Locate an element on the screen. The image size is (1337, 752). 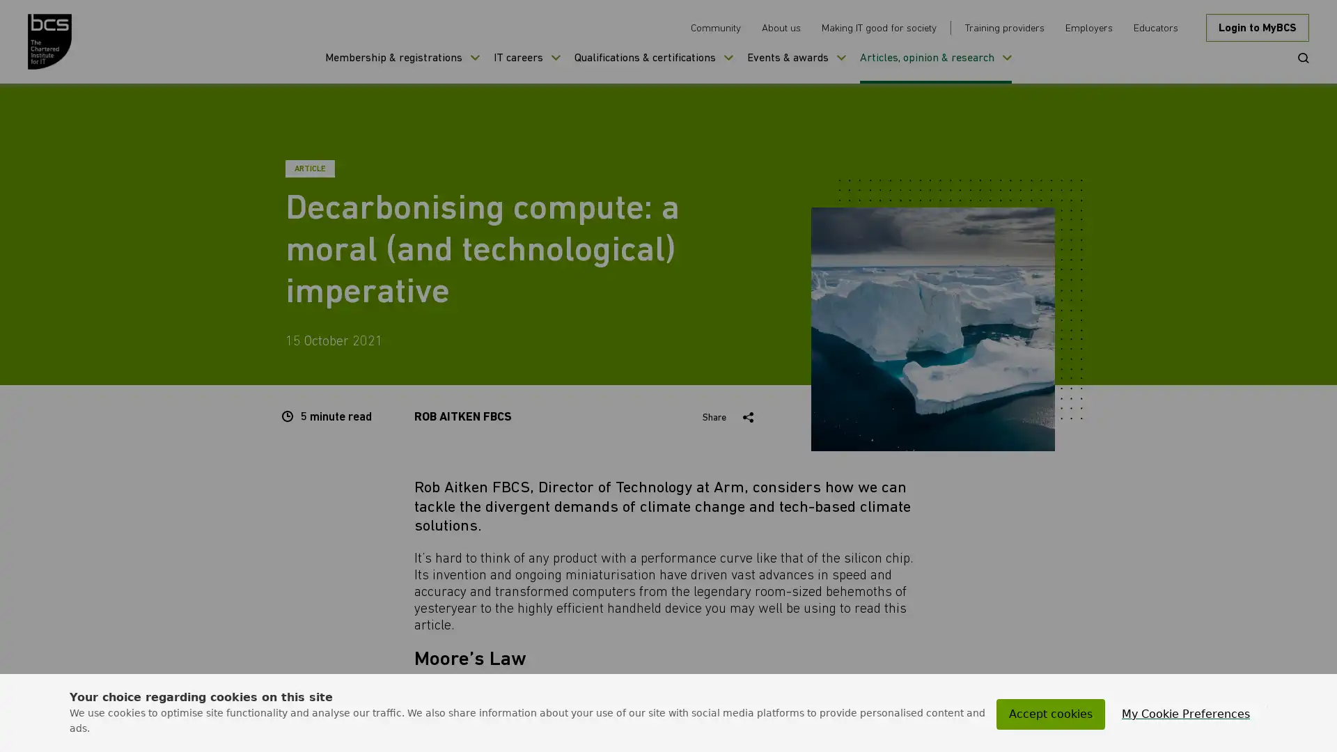
My Cookie Preferences is located at coordinates (1185, 714).